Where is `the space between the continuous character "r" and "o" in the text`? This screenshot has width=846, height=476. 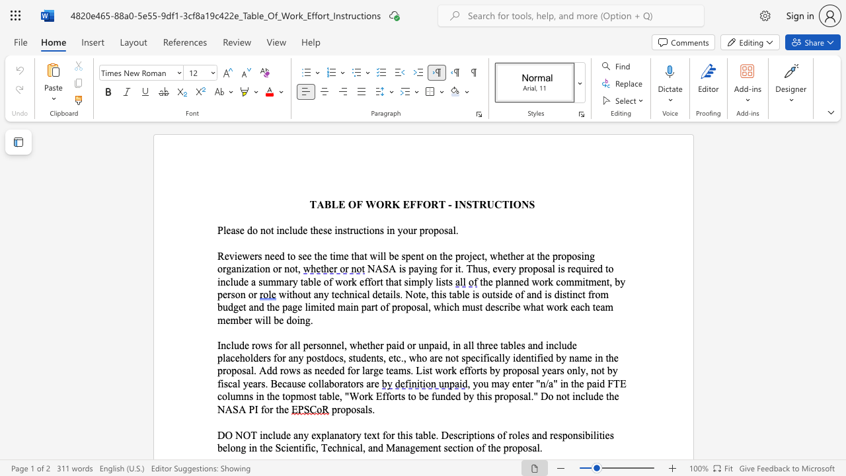
the space between the continuous character "r" and "o" in the text is located at coordinates (428, 229).